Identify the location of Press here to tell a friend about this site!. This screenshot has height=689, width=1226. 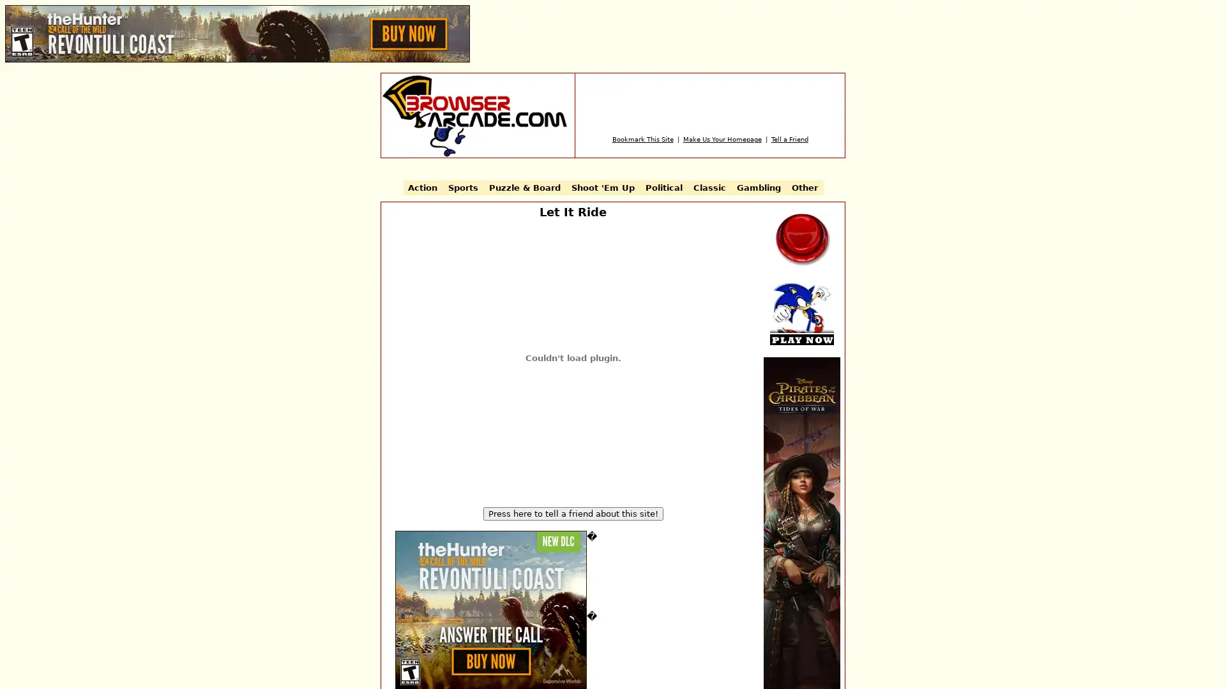
(572, 513).